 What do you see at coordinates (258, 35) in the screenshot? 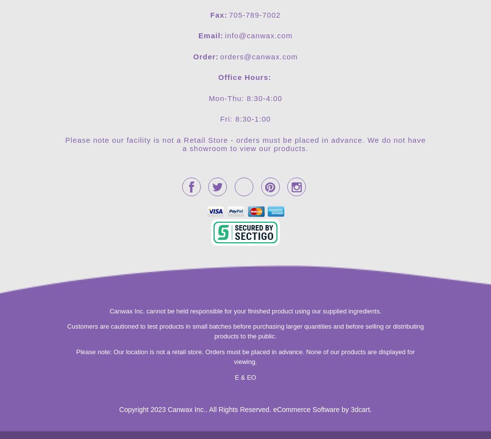
I see `'info@canwax.com'` at bounding box center [258, 35].